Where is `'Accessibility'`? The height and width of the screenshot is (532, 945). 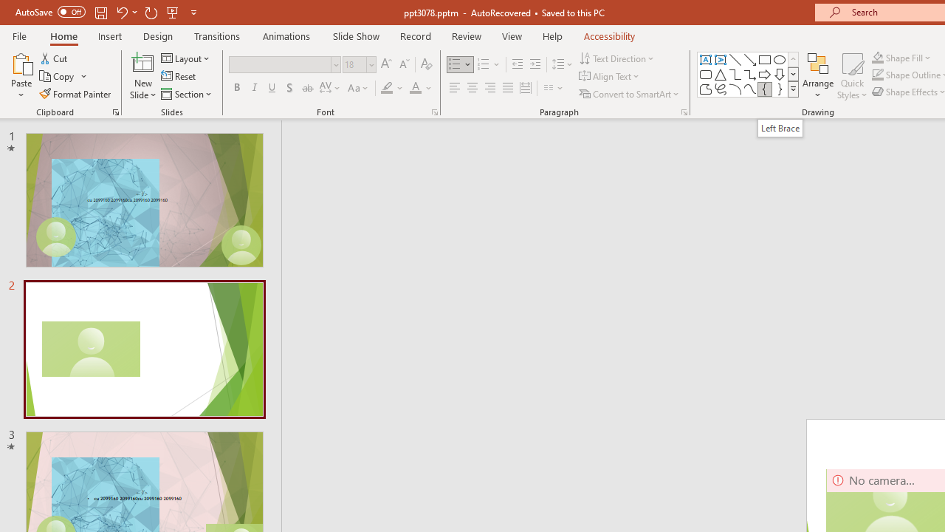
'Accessibility' is located at coordinates (610, 35).